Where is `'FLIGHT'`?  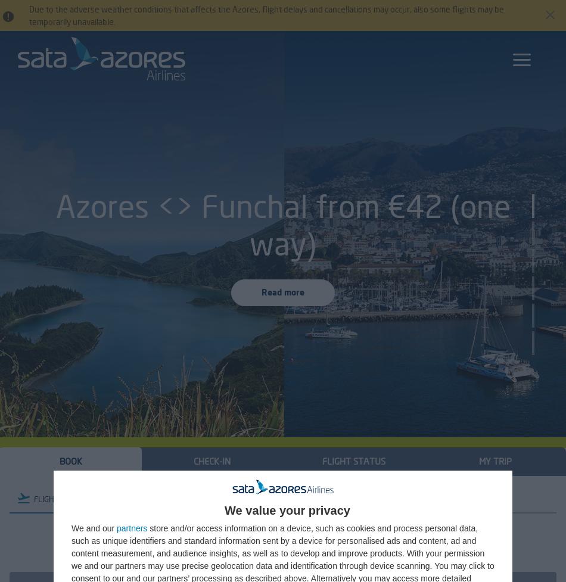 'FLIGHT' is located at coordinates (46, 498).